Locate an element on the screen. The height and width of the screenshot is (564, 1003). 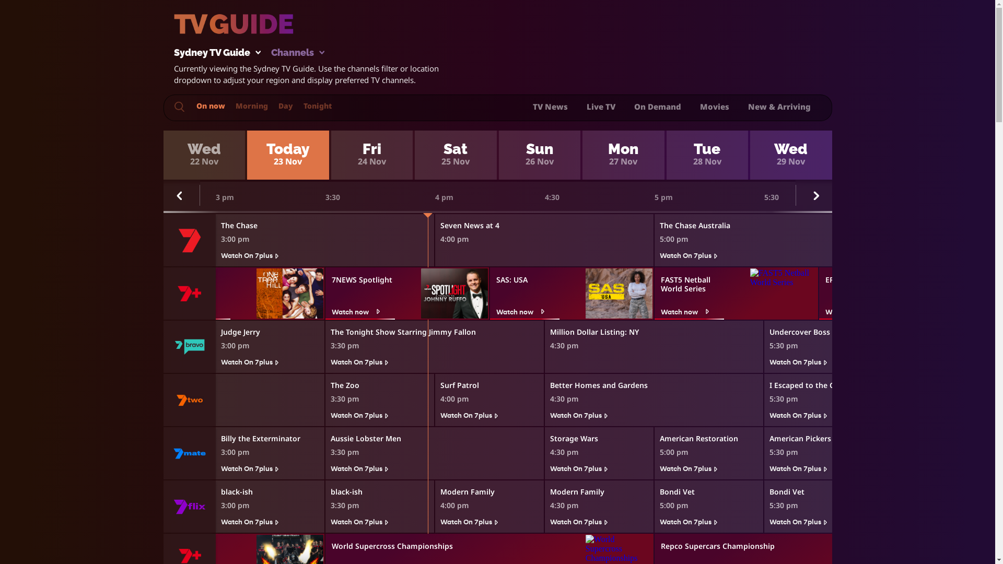
'Repco Supercars Championship' is located at coordinates (725, 543).